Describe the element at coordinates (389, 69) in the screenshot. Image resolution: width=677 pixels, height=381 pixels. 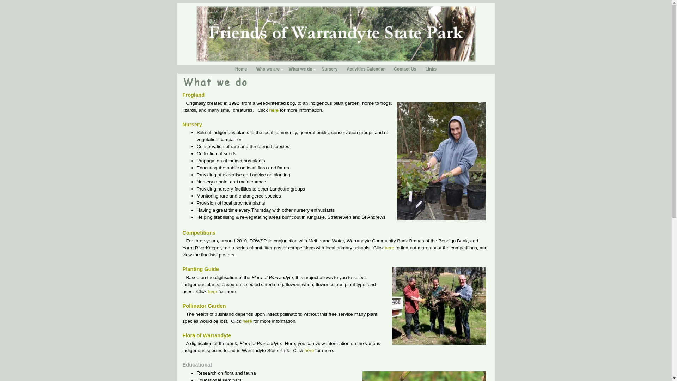
I see `'Contact Us'` at that location.